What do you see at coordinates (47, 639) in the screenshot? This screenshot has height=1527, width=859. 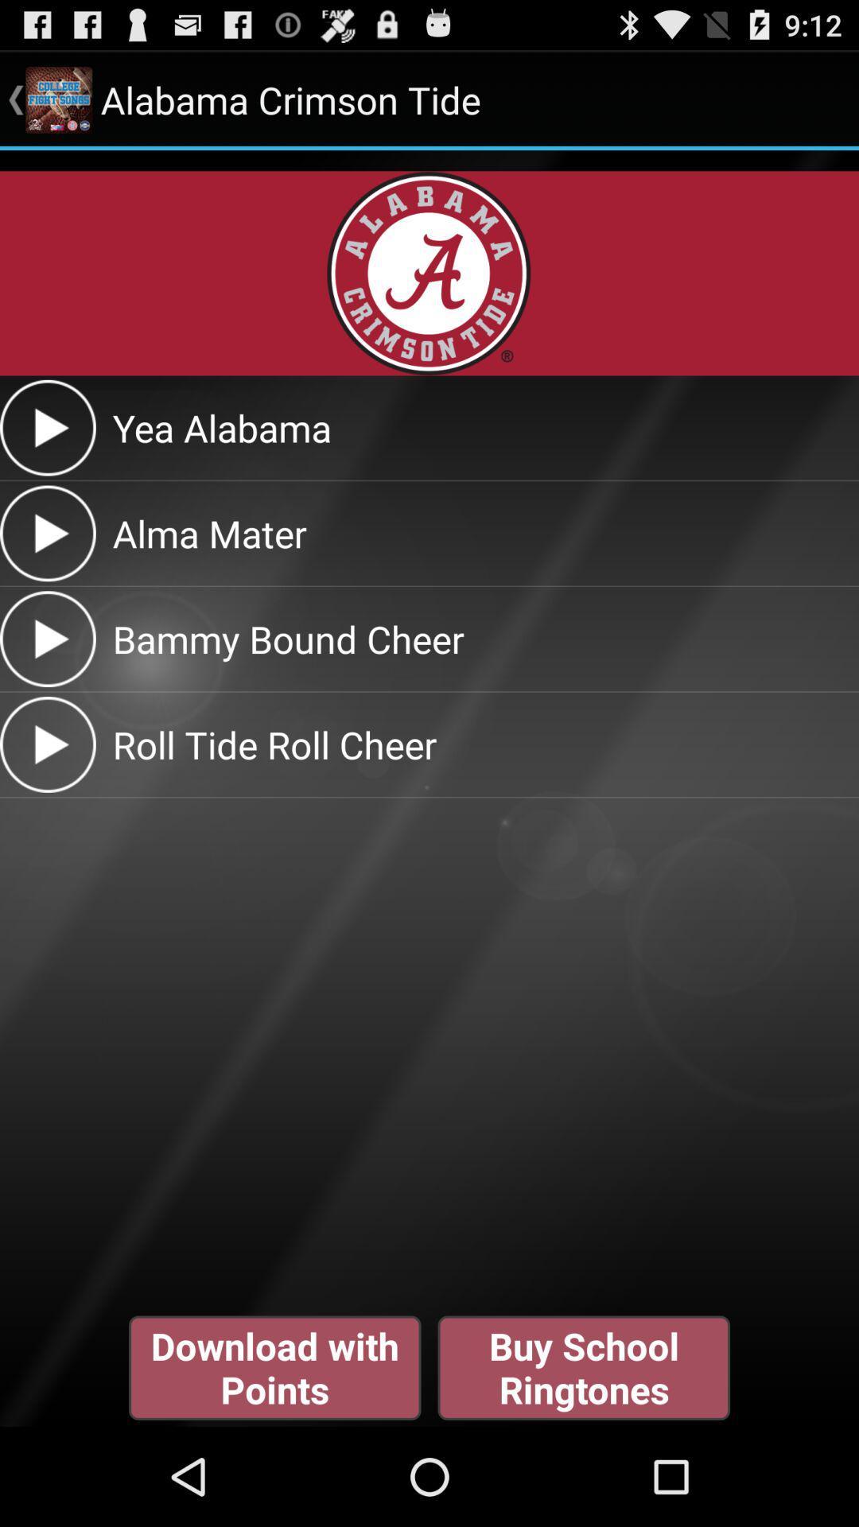 I see `audio` at bounding box center [47, 639].